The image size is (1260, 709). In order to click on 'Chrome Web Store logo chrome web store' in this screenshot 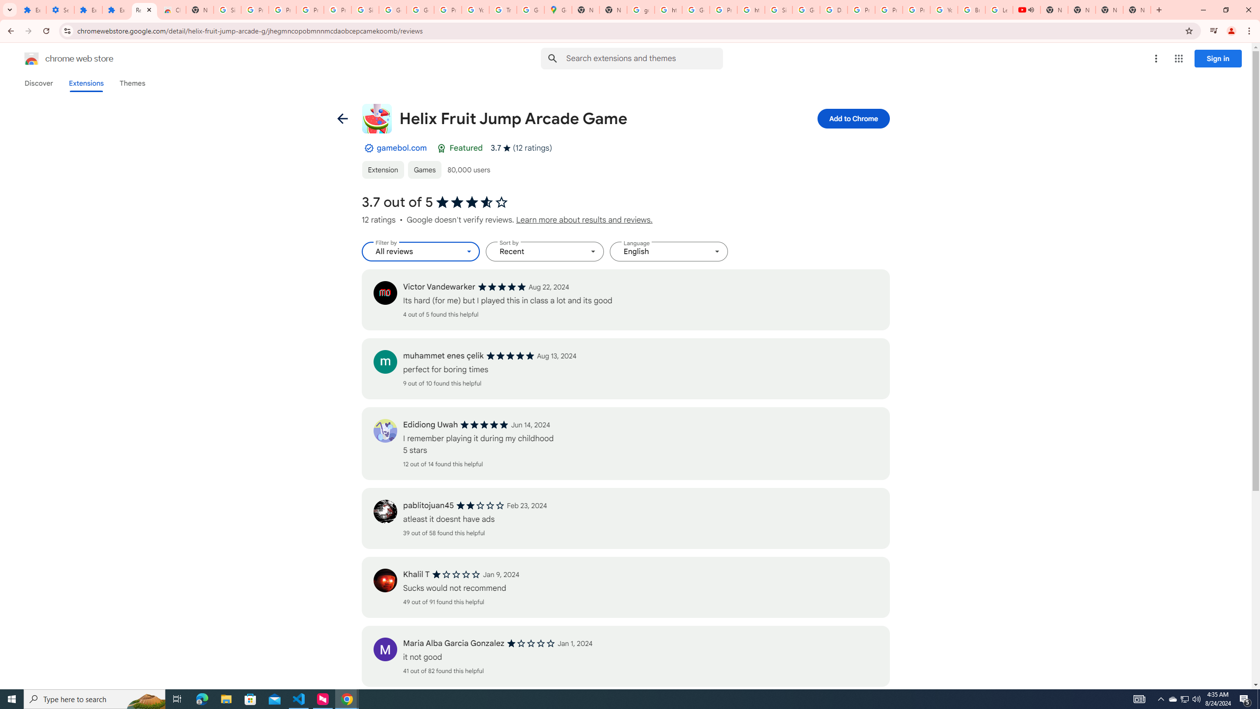, I will do `click(58, 58)`.